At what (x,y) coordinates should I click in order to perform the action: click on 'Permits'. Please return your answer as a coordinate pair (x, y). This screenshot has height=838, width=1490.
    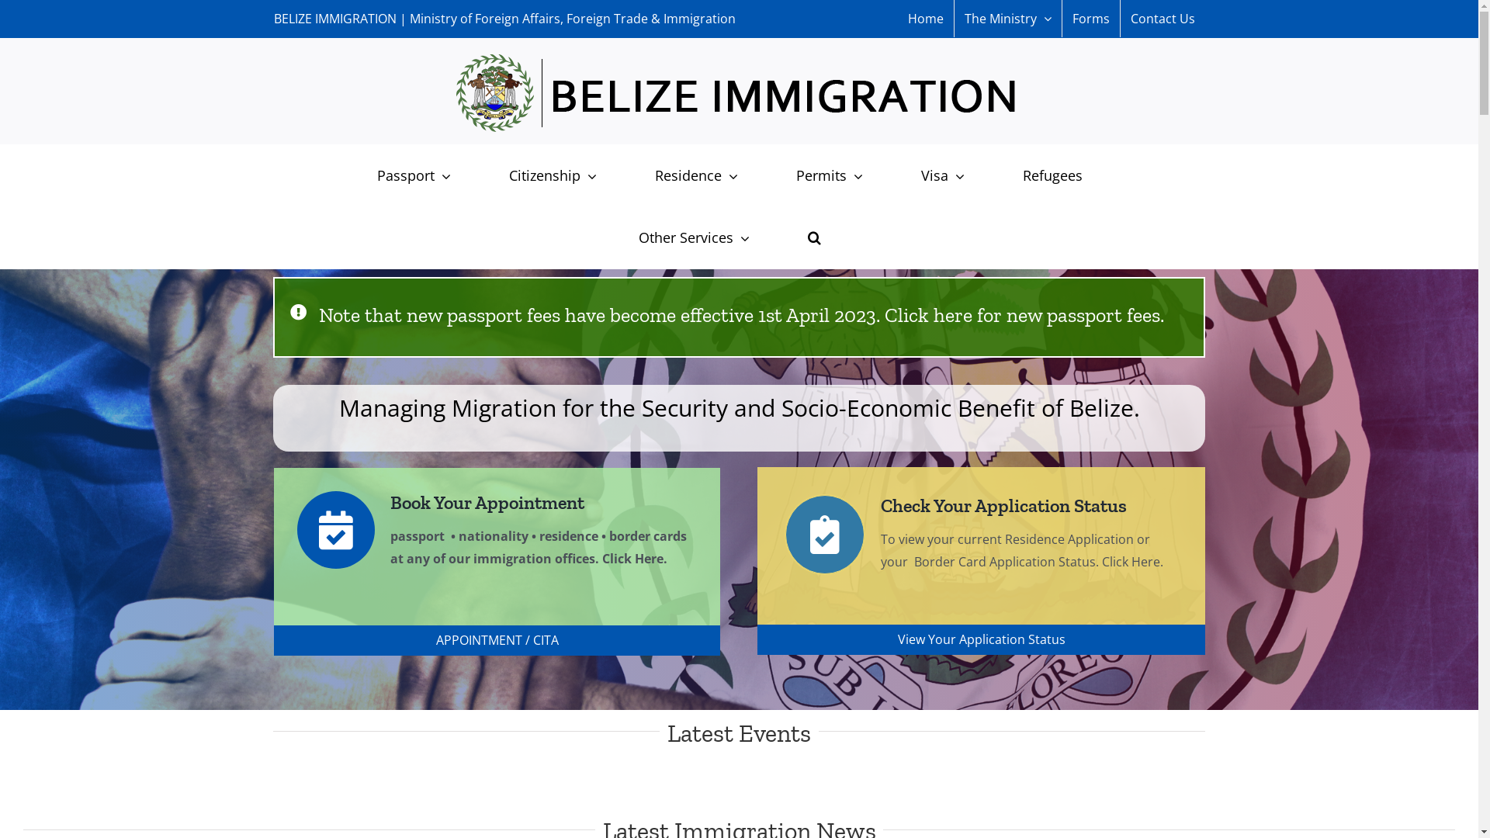
    Looking at the image, I should click on (828, 175).